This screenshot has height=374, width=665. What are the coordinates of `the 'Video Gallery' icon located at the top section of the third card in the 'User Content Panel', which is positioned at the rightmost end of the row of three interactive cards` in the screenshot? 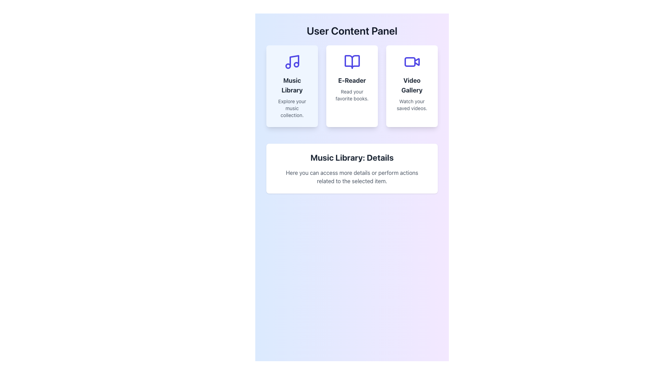 It's located at (412, 61).